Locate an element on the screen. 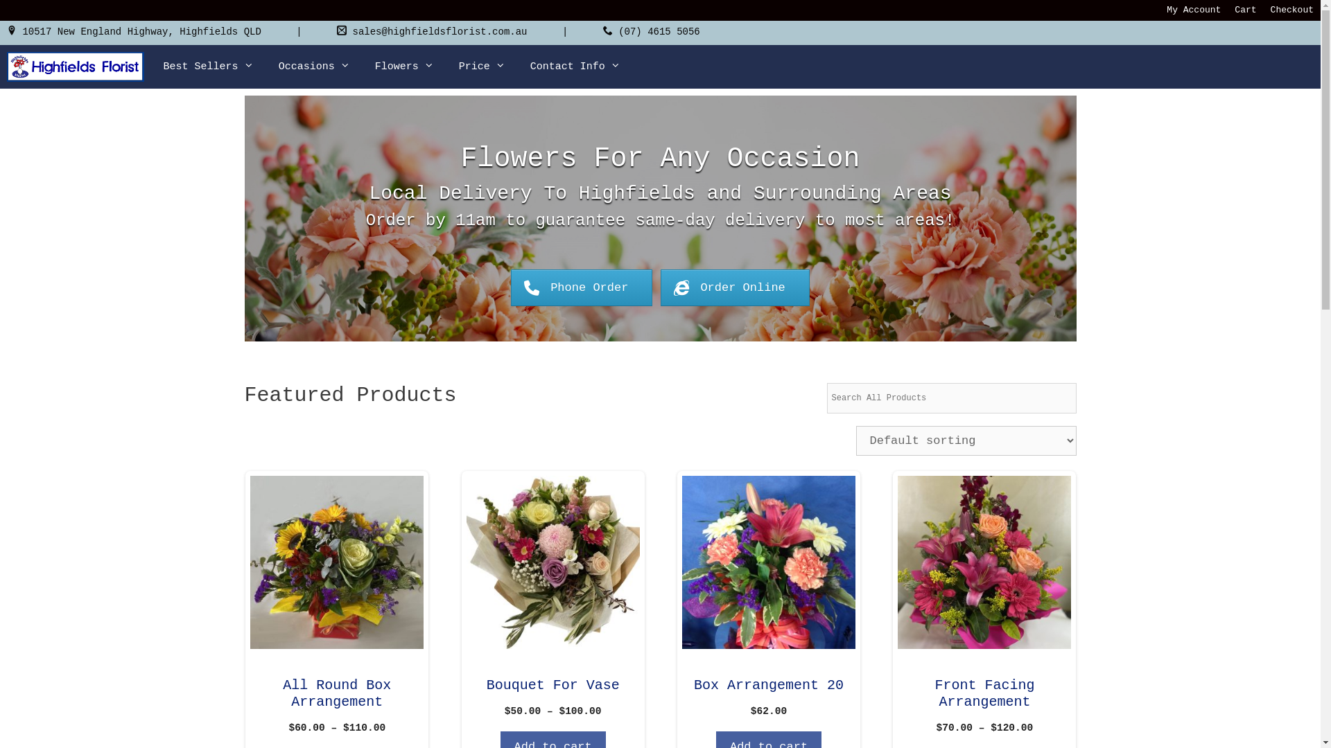  '(07) 4615 5056' is located at coordinates (658, 31).